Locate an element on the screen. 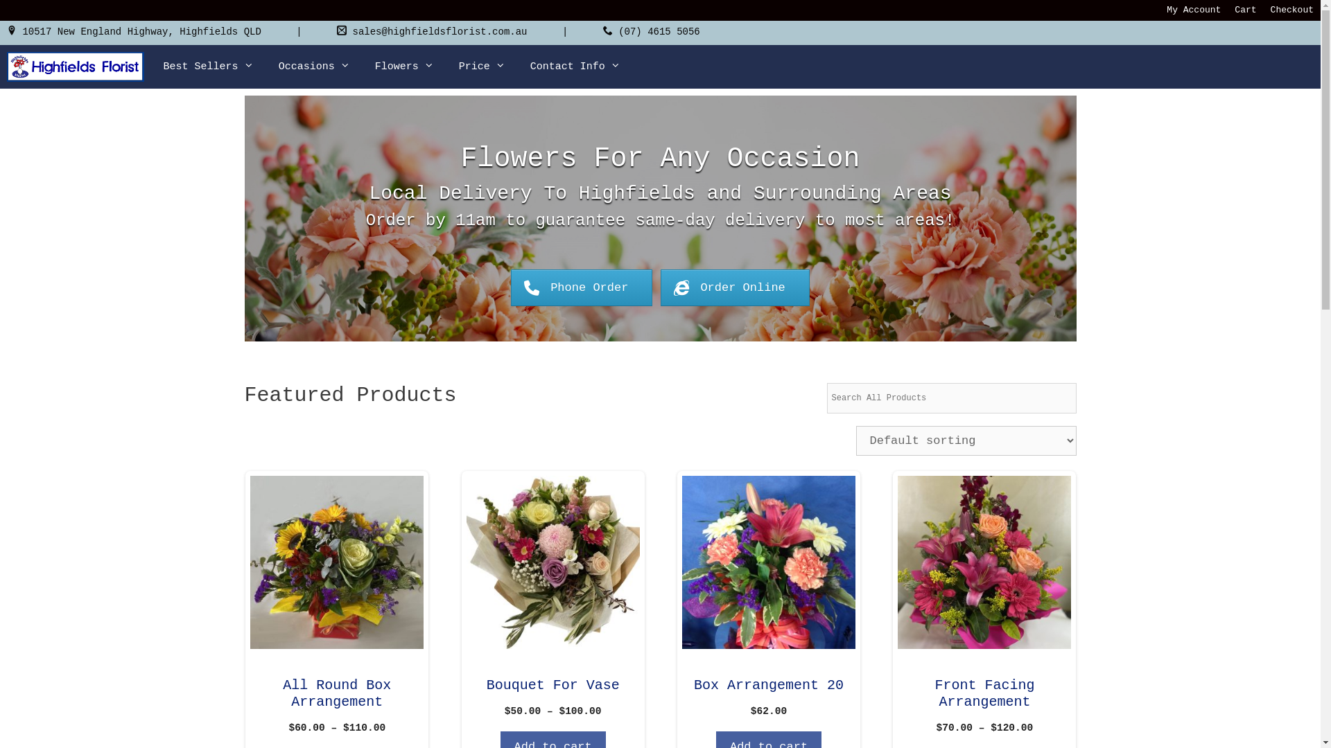  '(07) 4615 5056' is located at coordinates (658, 31).